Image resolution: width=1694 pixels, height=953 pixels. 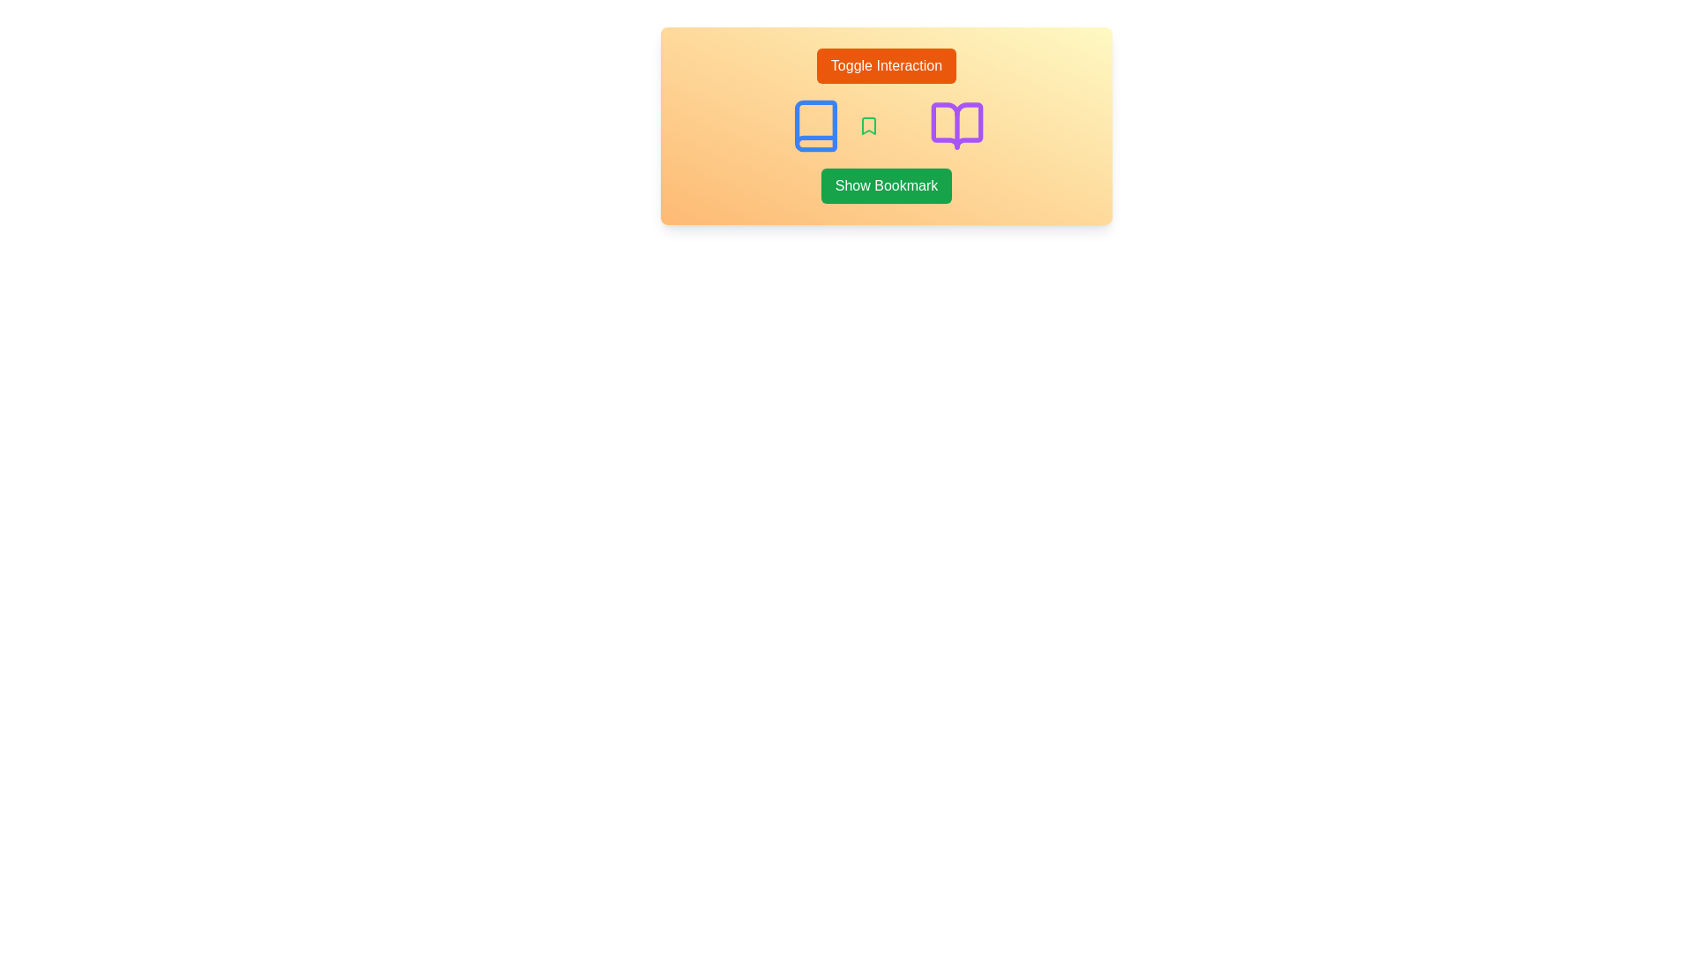 What do you see at coordinates (956, 124) in the screenshot?
I see `the vibrant purple open book icon, which is the third icon in a horizontal grid, located between the 'Toggle Interaction' button above and the 'Show Bookmark' button below` at bounding box center [956, 124].